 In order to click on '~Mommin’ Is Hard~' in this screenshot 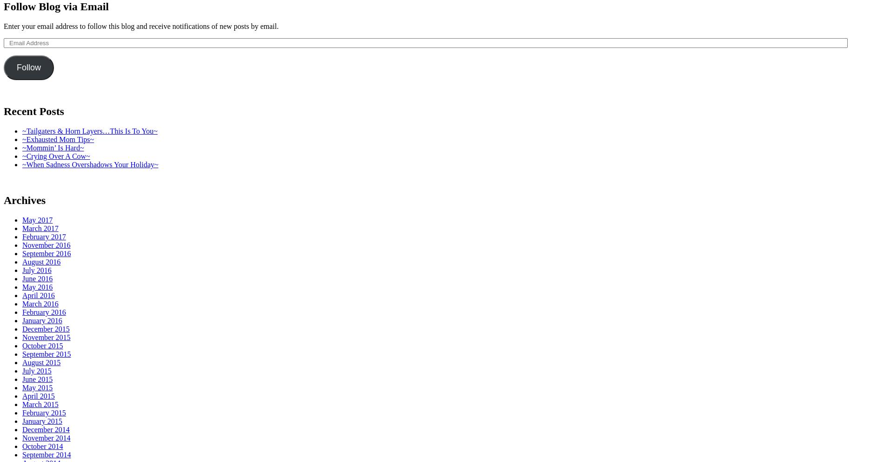, I will do `click(53, 148)`.